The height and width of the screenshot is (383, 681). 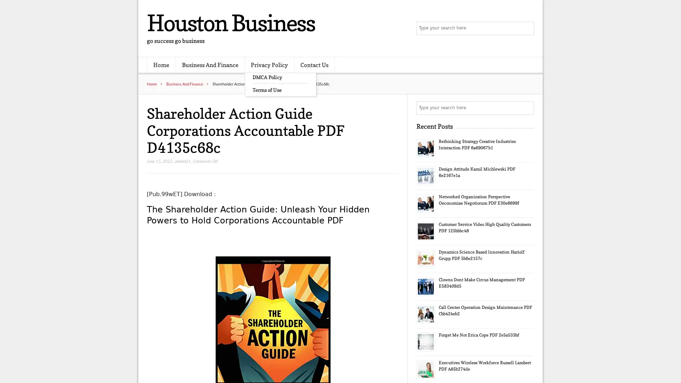 What do you see at coordinates (527, 28) in the screenshot?
I see `Search` at bounding box center [527, 28].